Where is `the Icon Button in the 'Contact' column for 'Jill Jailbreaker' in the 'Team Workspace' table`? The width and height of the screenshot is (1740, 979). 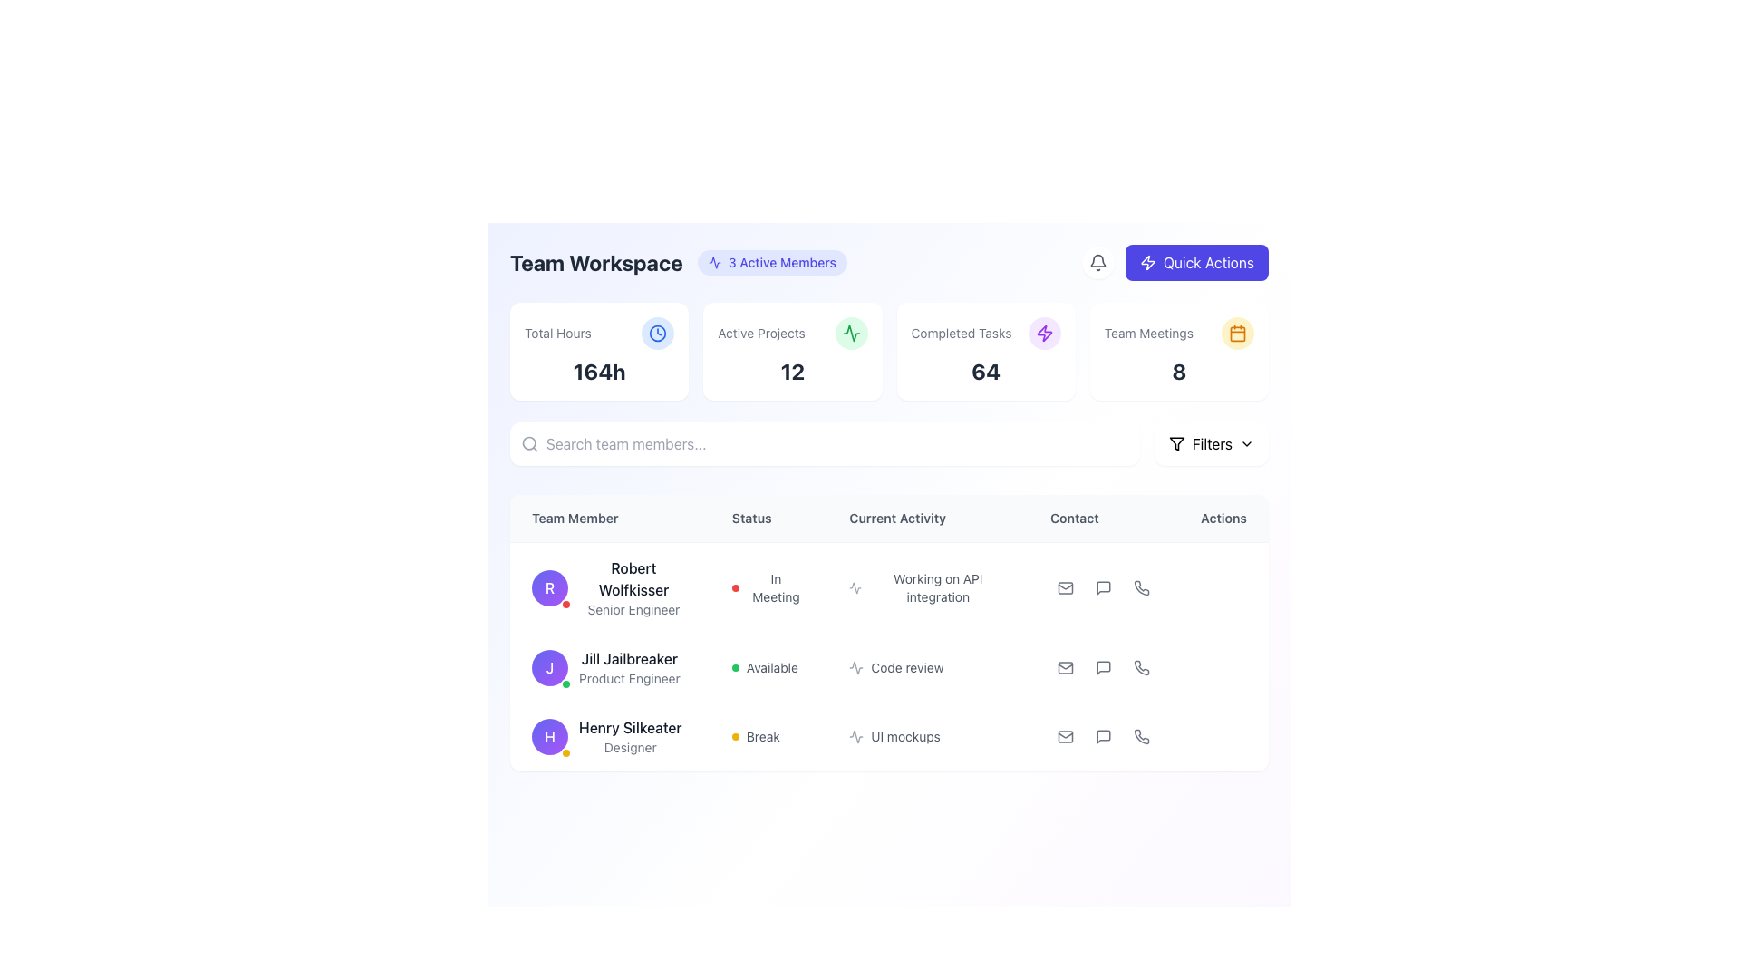
the Icon Button in the 'Contact' column for 'Jill Jailbreaker' in the 'Team Workspace' table is located at coordinates (1103, 667).